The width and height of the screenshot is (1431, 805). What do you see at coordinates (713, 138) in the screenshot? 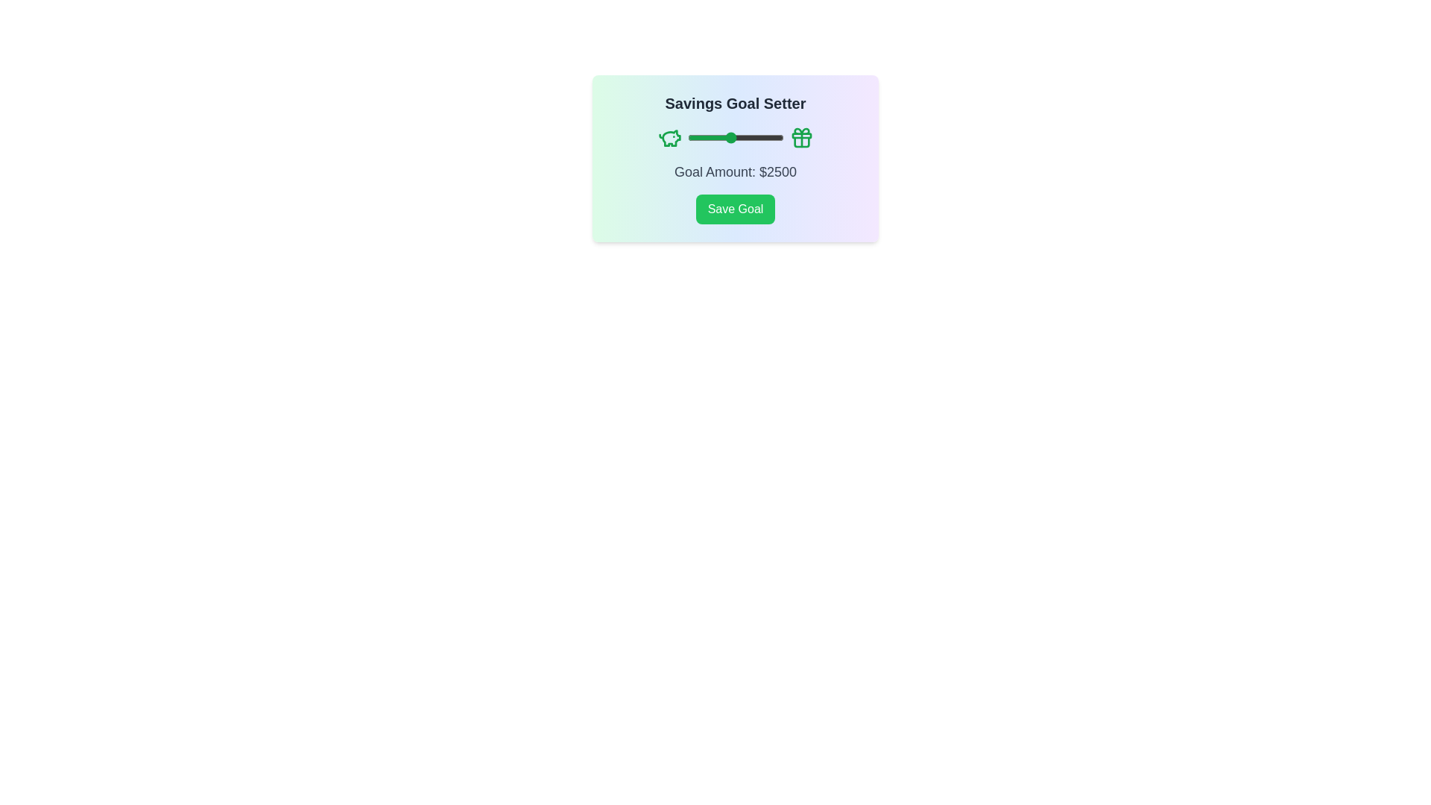
I see `the slider to set the goal amount to 1743` at bounding box center [713, 138].